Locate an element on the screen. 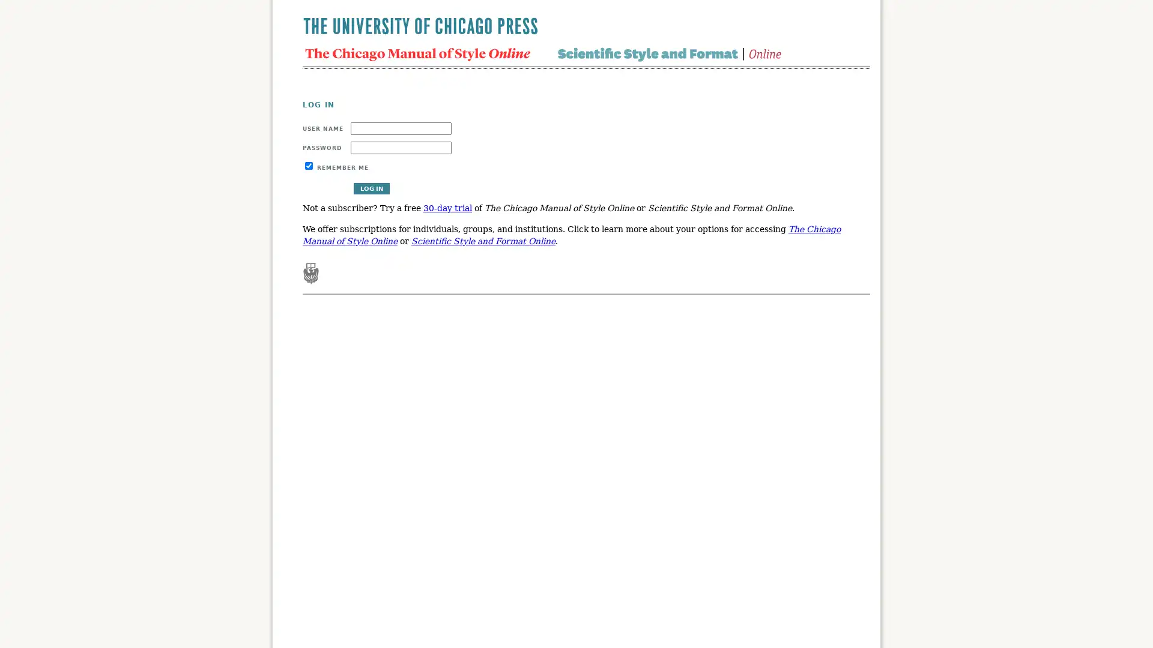  LOG IN is located at coordinates (371, 188).